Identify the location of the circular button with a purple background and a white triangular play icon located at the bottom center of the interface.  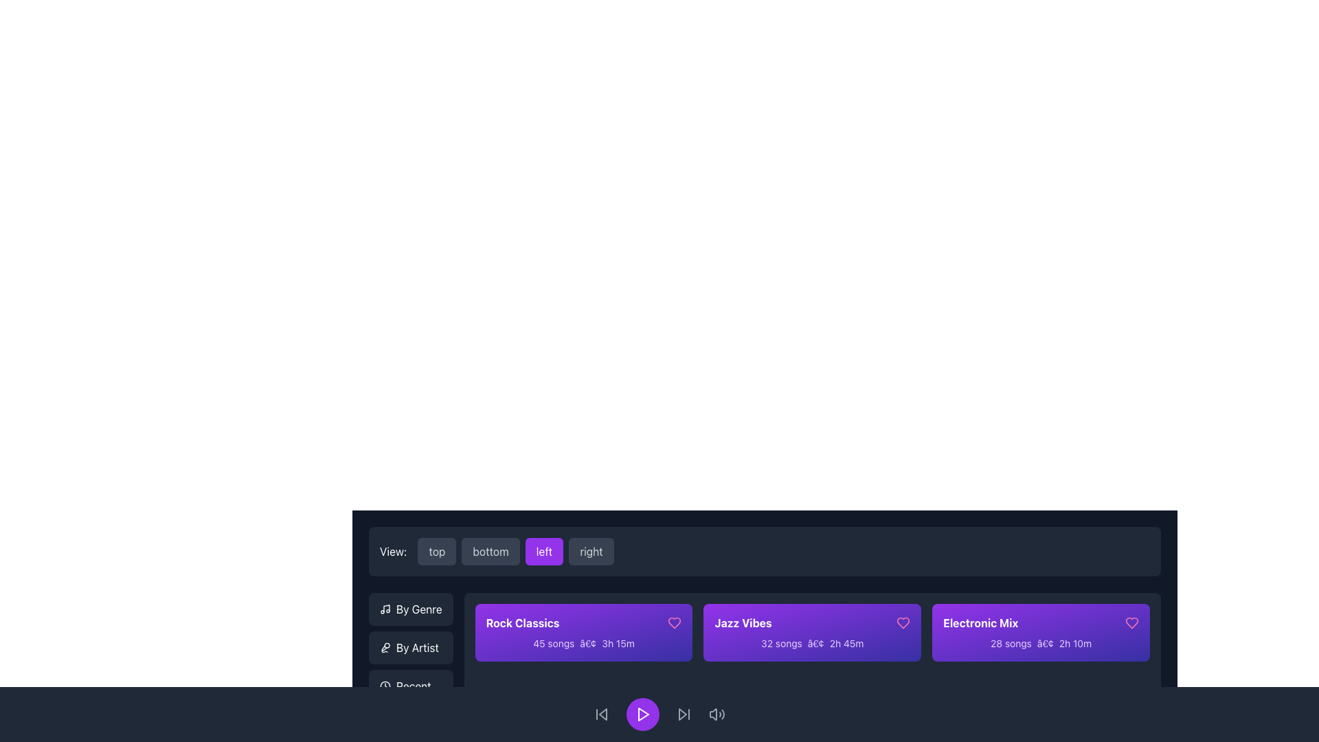
(642, 714).